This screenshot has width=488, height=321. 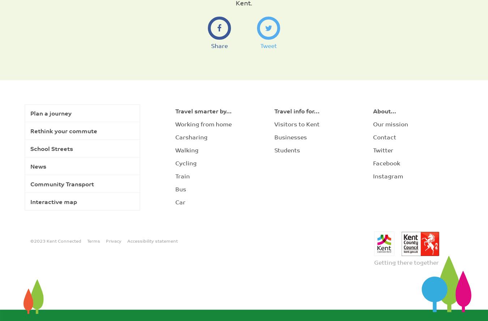 I want to click on 'Terms', so click(x=93, y=240).